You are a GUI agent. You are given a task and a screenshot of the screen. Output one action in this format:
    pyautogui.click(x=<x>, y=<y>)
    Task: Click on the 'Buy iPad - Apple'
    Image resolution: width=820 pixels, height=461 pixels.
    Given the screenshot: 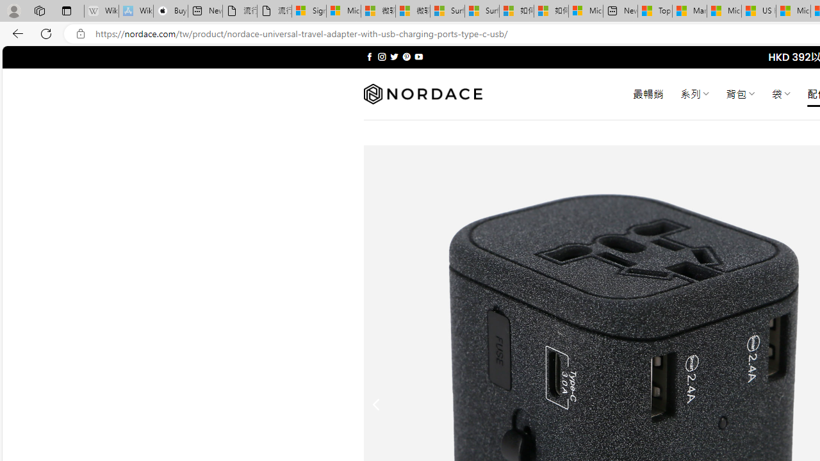 What is the action you would take?
    pyautogui.click(x=170, y=11)
    